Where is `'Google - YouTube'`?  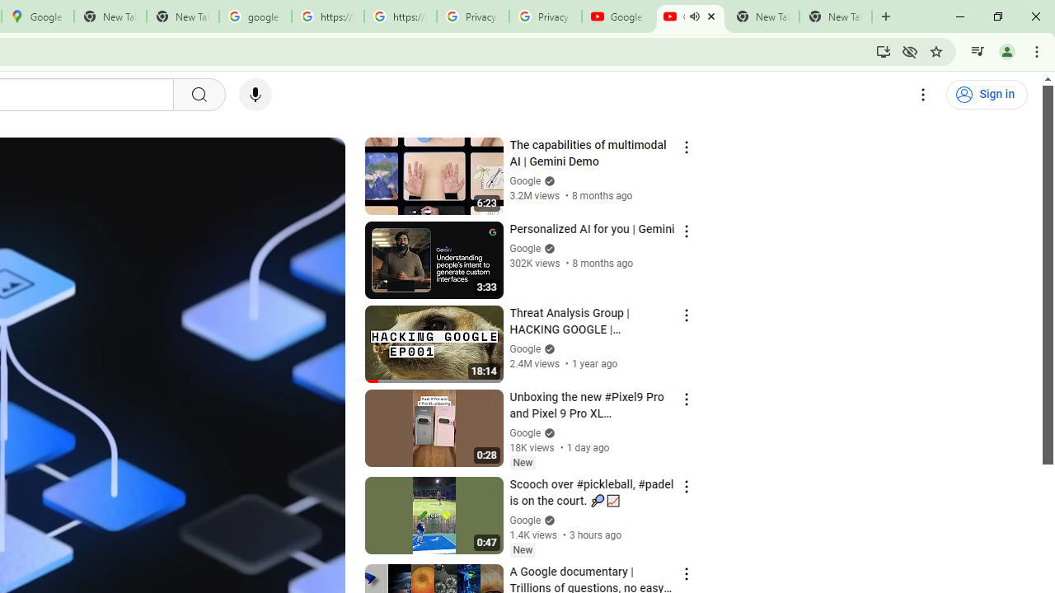 'Google - YouTube' is located at coordinates (617, 16).